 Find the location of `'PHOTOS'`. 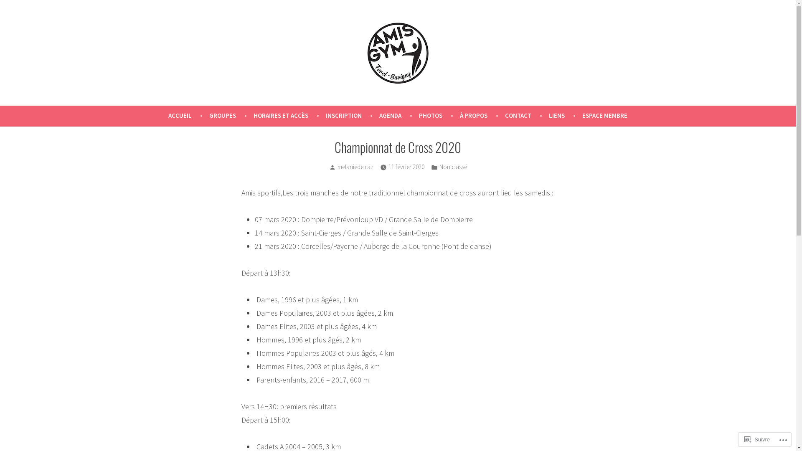

'PHOTOS' is located at coordinates (419, 116).